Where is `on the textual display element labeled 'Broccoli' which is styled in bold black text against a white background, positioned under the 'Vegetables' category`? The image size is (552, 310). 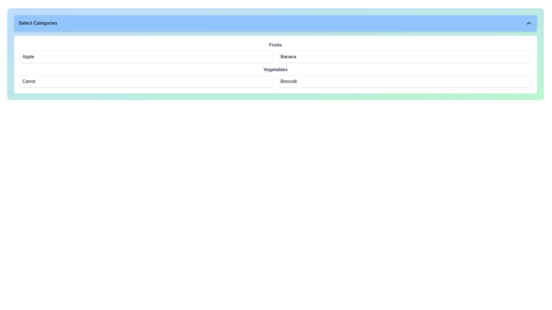 on the textual display element labeled 'Broccoli' which is styled in bold black text against a white background, positioned under the 'Vegetables' category is located at coordinates (288, 82).